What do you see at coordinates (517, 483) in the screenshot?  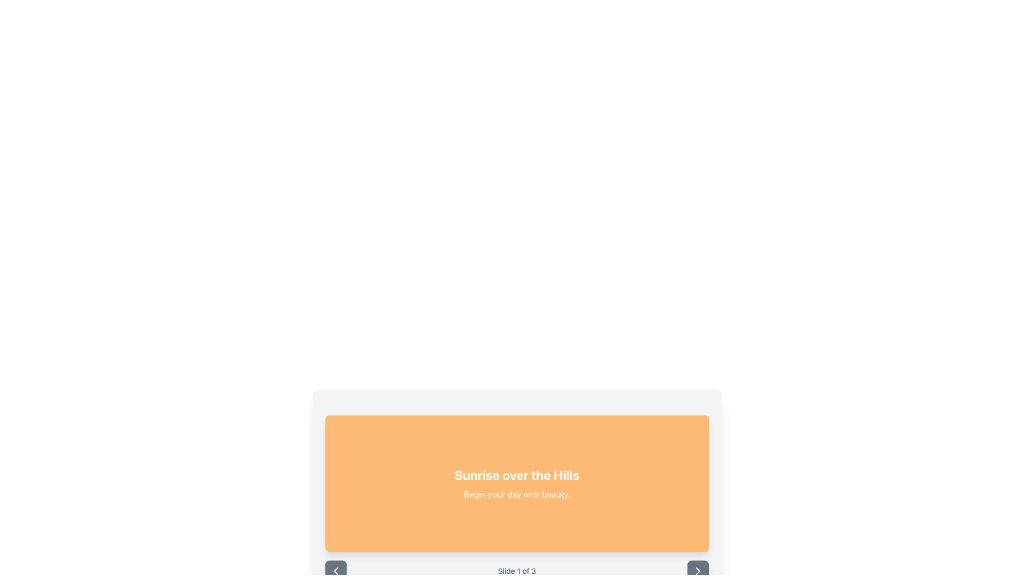 I see `text displayed in the Text Panel that contains 'Sunrise over the Hills' and 'Begin your day with beauty.'` at bounding box center [517, 483].